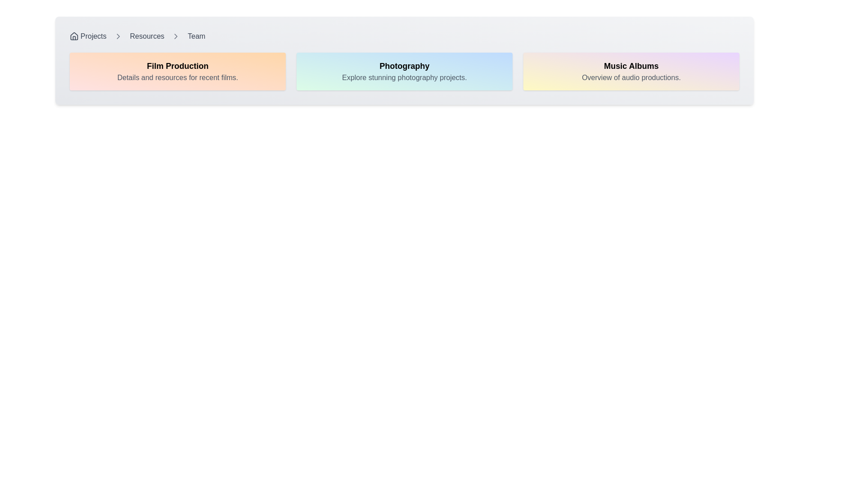 The image size is (864, 486). Describe the element at coordinates (74, 36) in the screenshot. I see `the house-shaped icon in the navigation bar preceding the text 'Projects'` at that location.